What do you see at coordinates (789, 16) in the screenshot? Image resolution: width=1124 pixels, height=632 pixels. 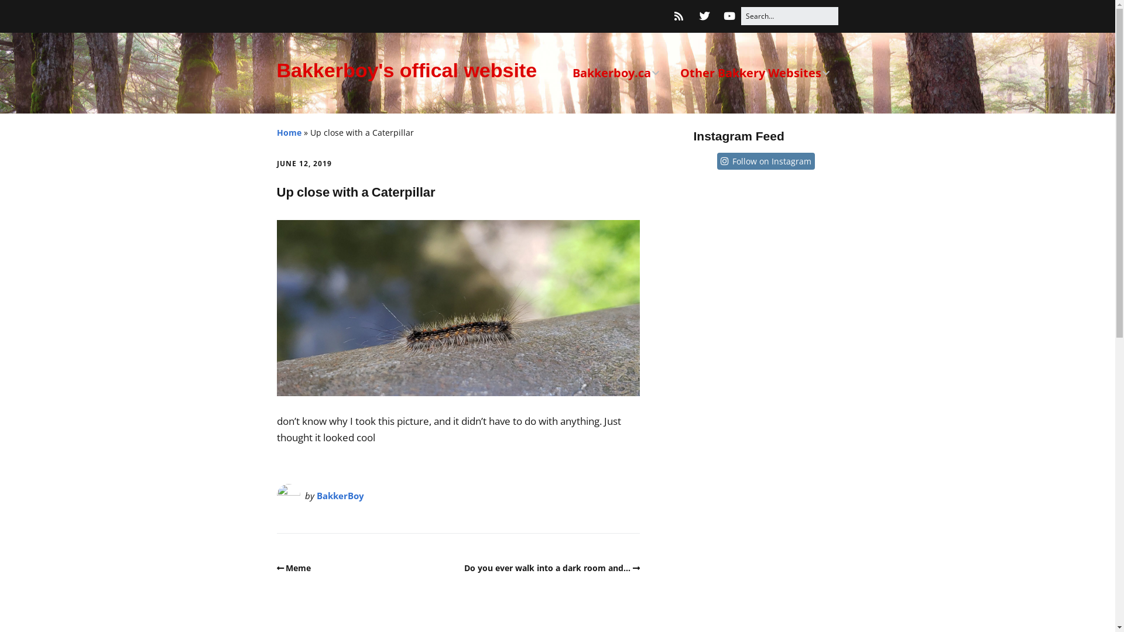 I see `'Press Enter to submit your search'` at bounding box center [789, 16].